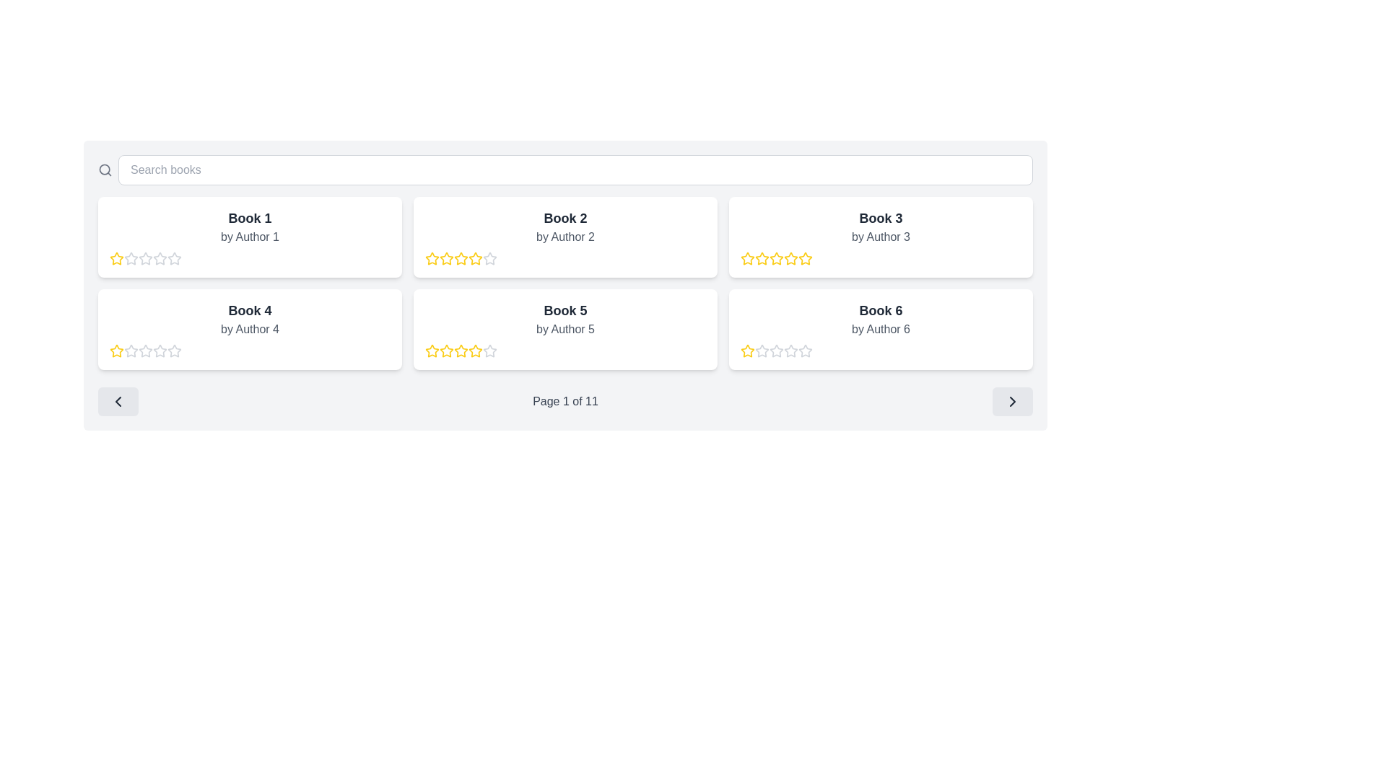 The image size is (1386, 779). Describe the element at coordinates (565, 219) in the screenshot. I see `the Text Label displaying 'Book 2', which is located at the top center of the second card in the first row of the grid layout` at that location.